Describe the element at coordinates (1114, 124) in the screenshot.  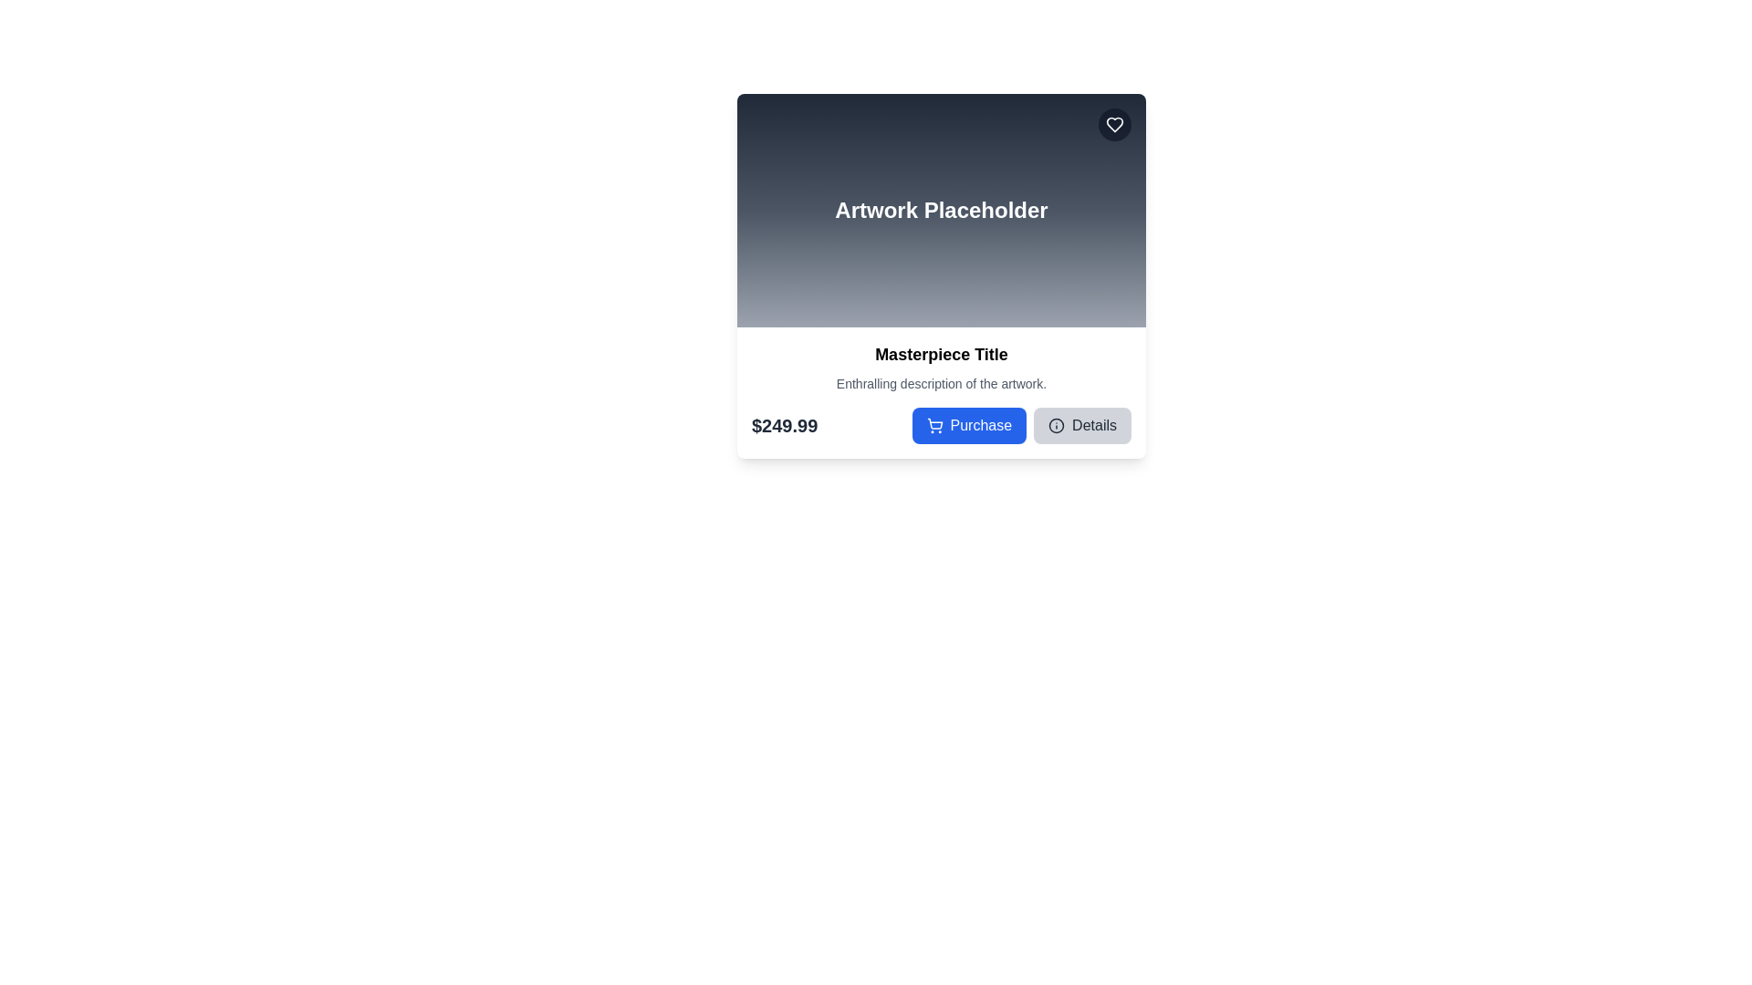
I see `the heart-shaped vector SVG icon located in the top-right corner of the artwork card interface, which serves as a favorite or love action indicator` at that location.